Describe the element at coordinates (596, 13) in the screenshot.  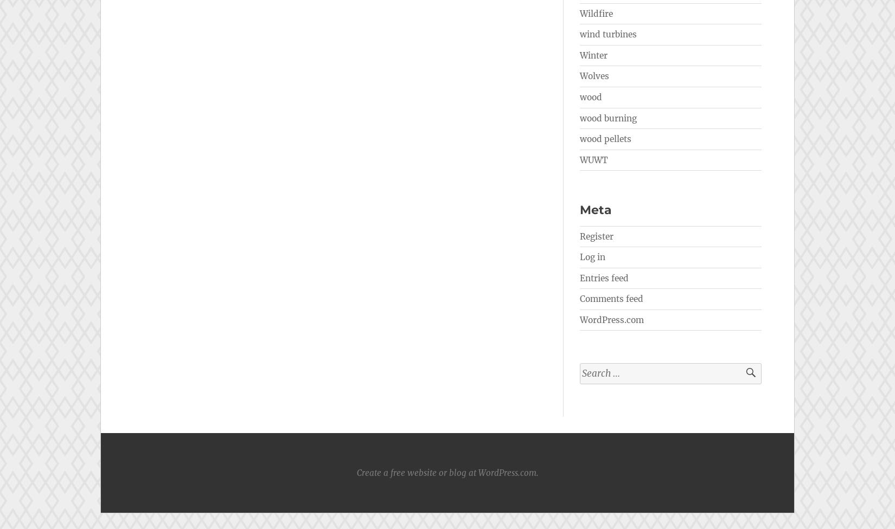
I see `'Wildfire'` at that location.